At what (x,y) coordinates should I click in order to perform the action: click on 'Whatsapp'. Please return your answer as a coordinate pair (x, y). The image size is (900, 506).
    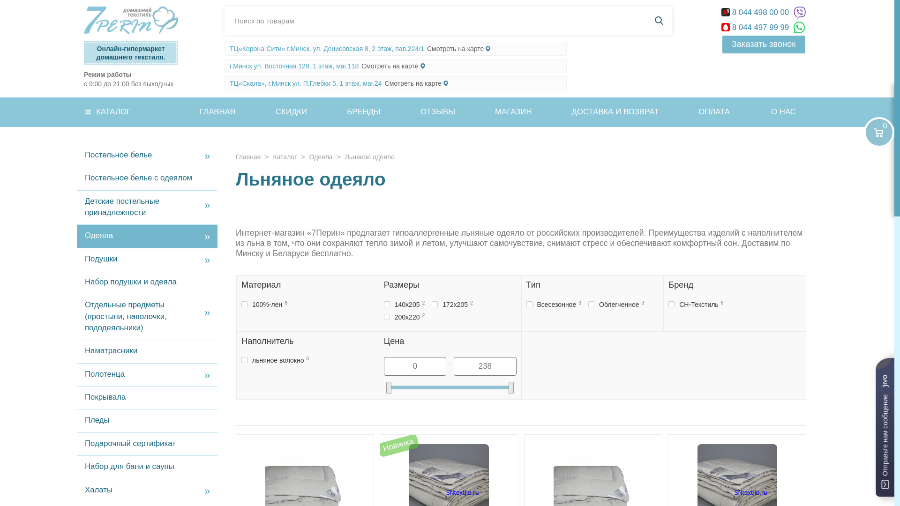
    Looking at the image, I should click on (799, 27).